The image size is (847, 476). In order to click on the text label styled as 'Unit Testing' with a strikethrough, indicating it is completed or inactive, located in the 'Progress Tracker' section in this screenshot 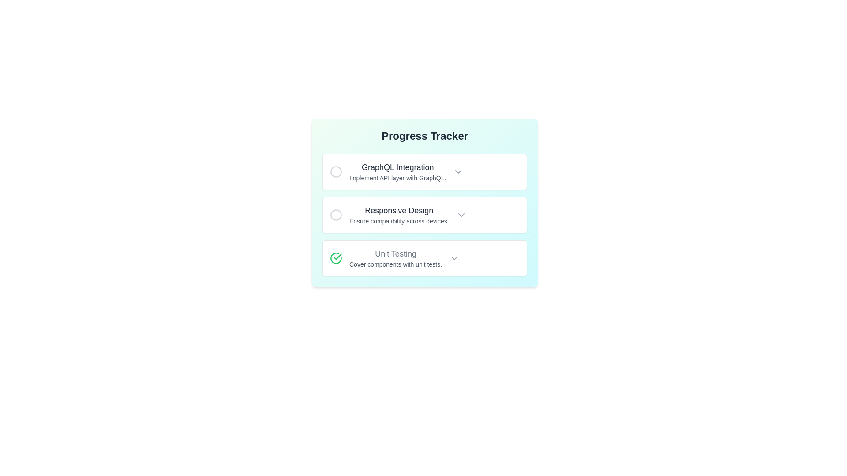, I will do `click(395, 253)`.